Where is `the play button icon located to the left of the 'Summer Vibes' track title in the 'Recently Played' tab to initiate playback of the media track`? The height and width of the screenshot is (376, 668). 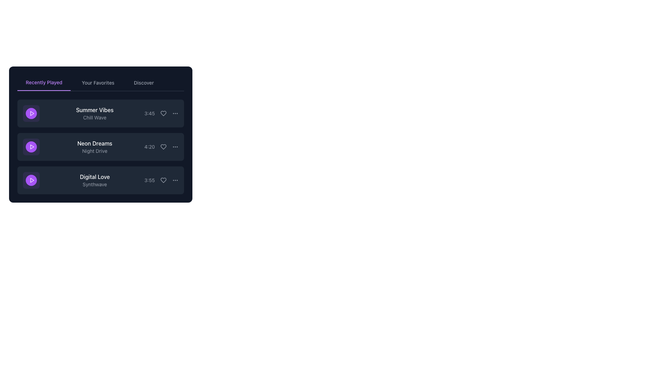 the play button icon located to the left of the 'Summer Vibes' track title in the 'Recently Played' tab to initiate playback of the media track is located at coordinates (32, 113).